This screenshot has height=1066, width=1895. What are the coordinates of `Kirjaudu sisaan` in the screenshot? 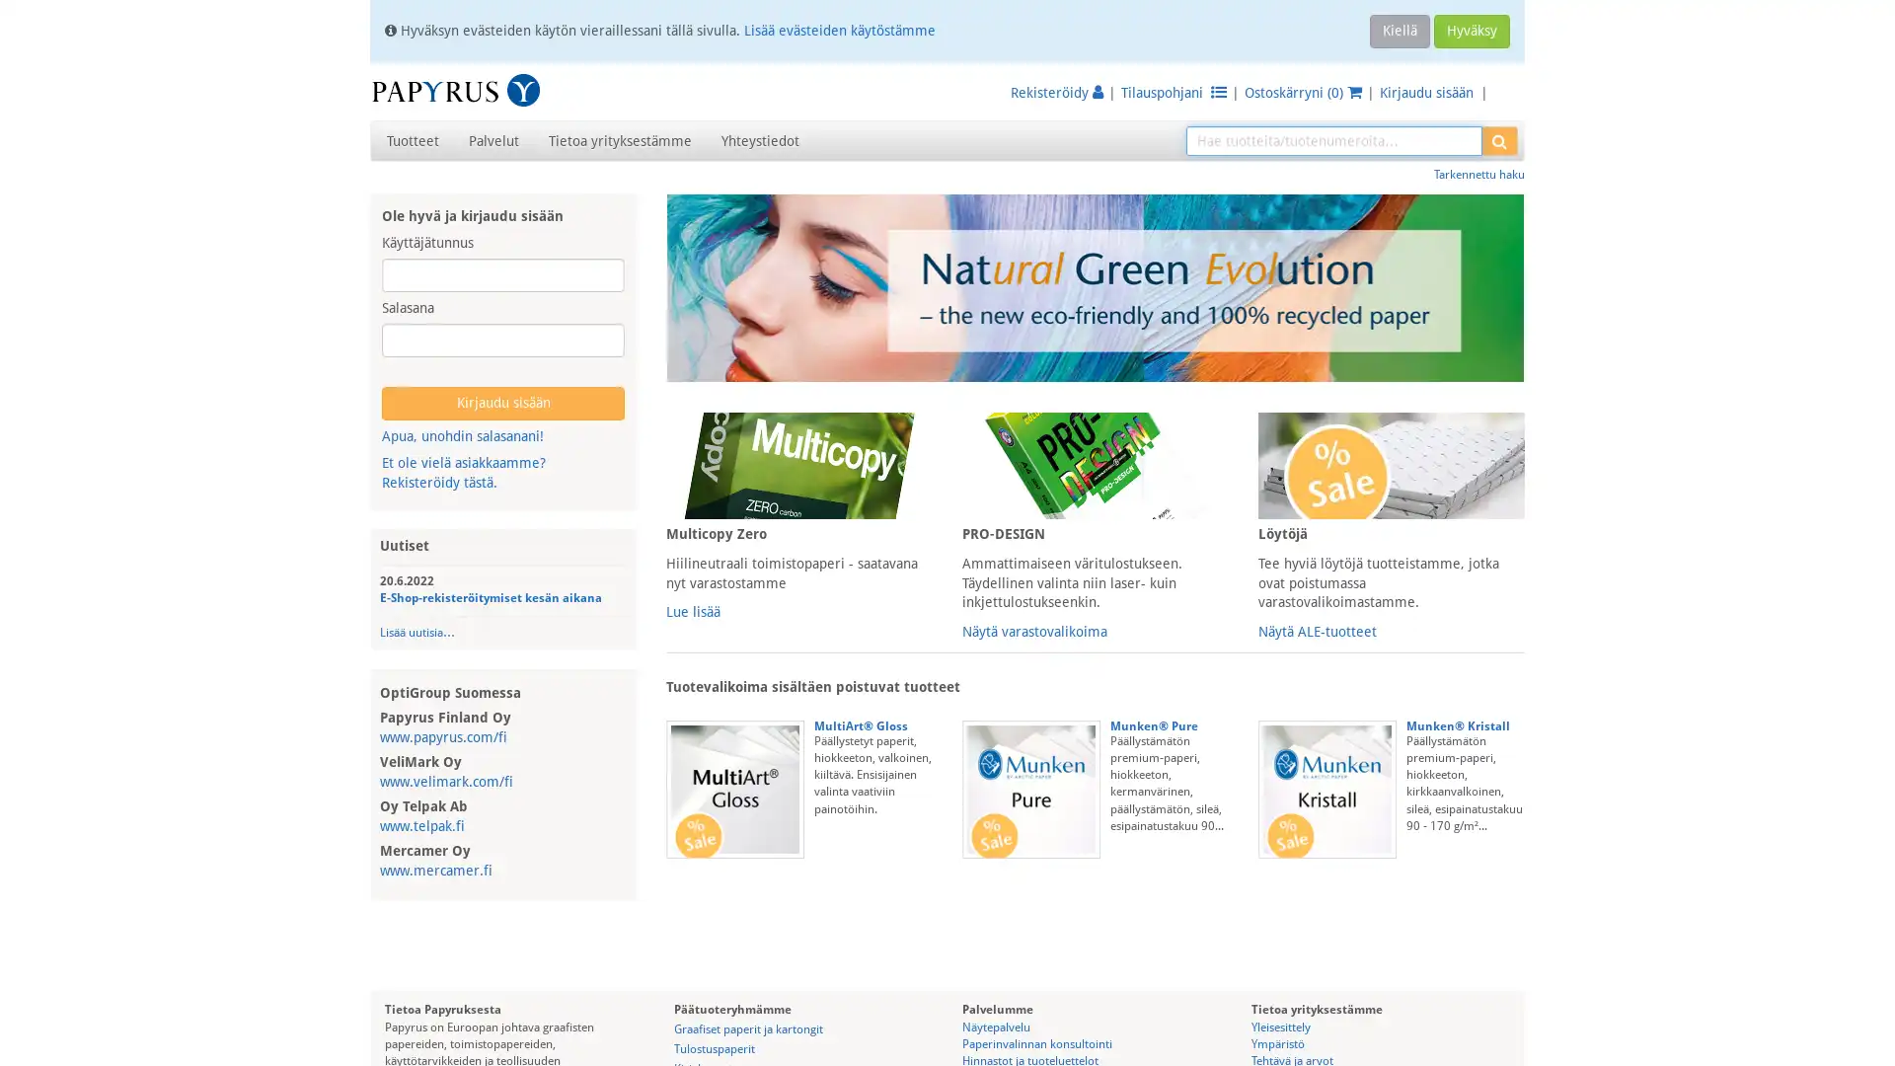 It's located at (502, 402).